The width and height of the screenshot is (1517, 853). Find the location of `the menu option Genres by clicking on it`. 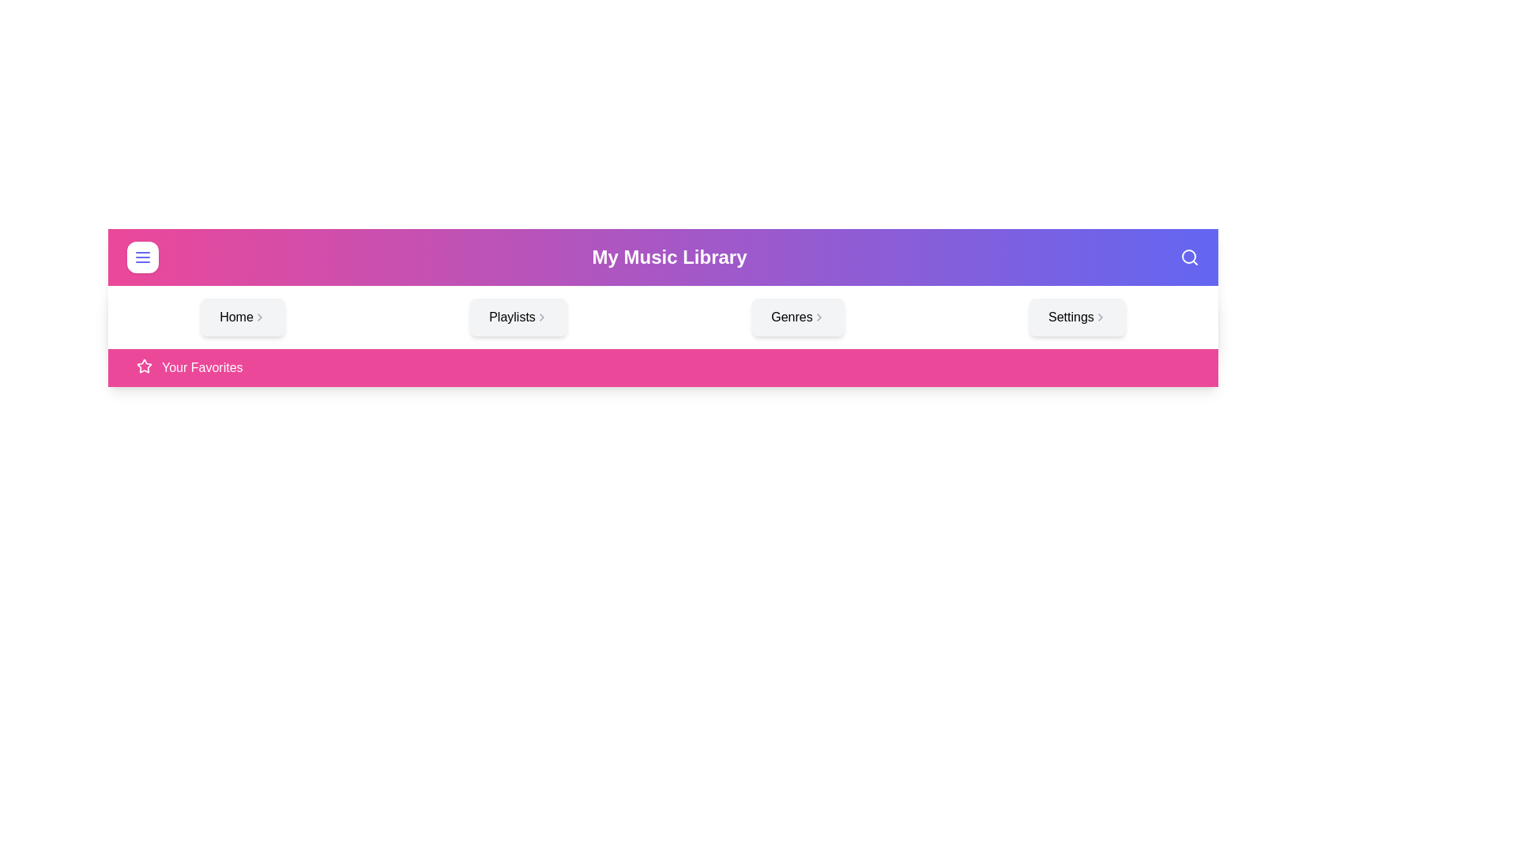

the menu option Genres by clicking on it is located at coordinates (798, 317).